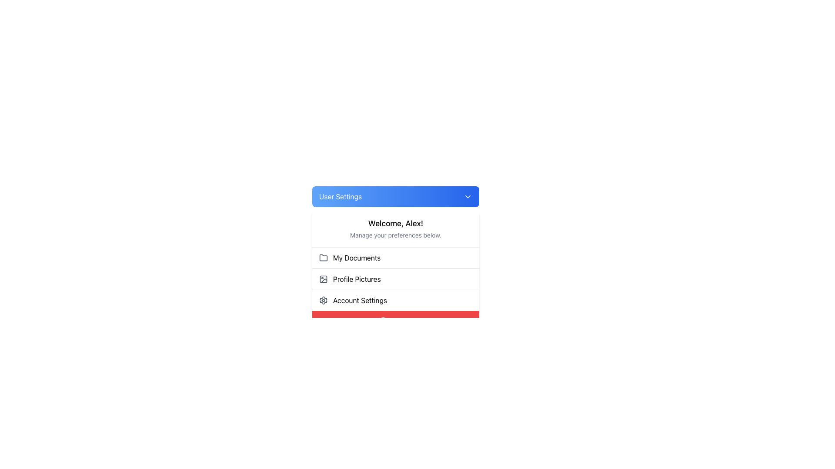 Image resolution: width=835 pixels, height=469 pixels. What do you see at coordinates (323, 257) in the screenshot?
I see `the first icon in the vertical list that represents the 'My Documents' section` at bounding box center [323, 257].